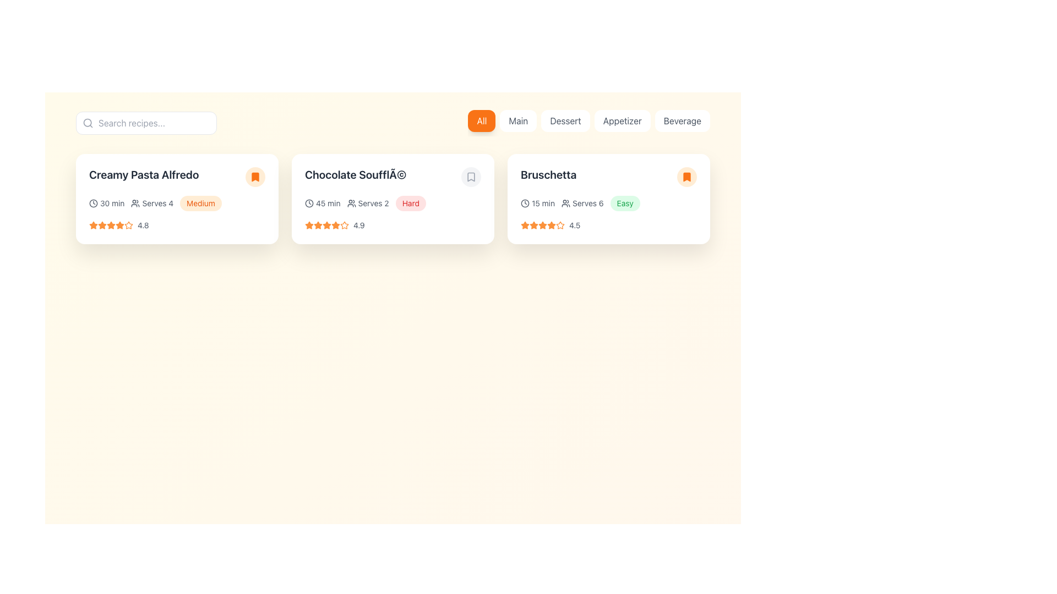 The image size is (1057, 594). What do you see at coordinates (560, 224) in the screenshot?
I see `the last star icon in the group of five stars indicating the rating for the 'Bruschetta' item, located within the third card from the left` at bounding box center [560, 224].